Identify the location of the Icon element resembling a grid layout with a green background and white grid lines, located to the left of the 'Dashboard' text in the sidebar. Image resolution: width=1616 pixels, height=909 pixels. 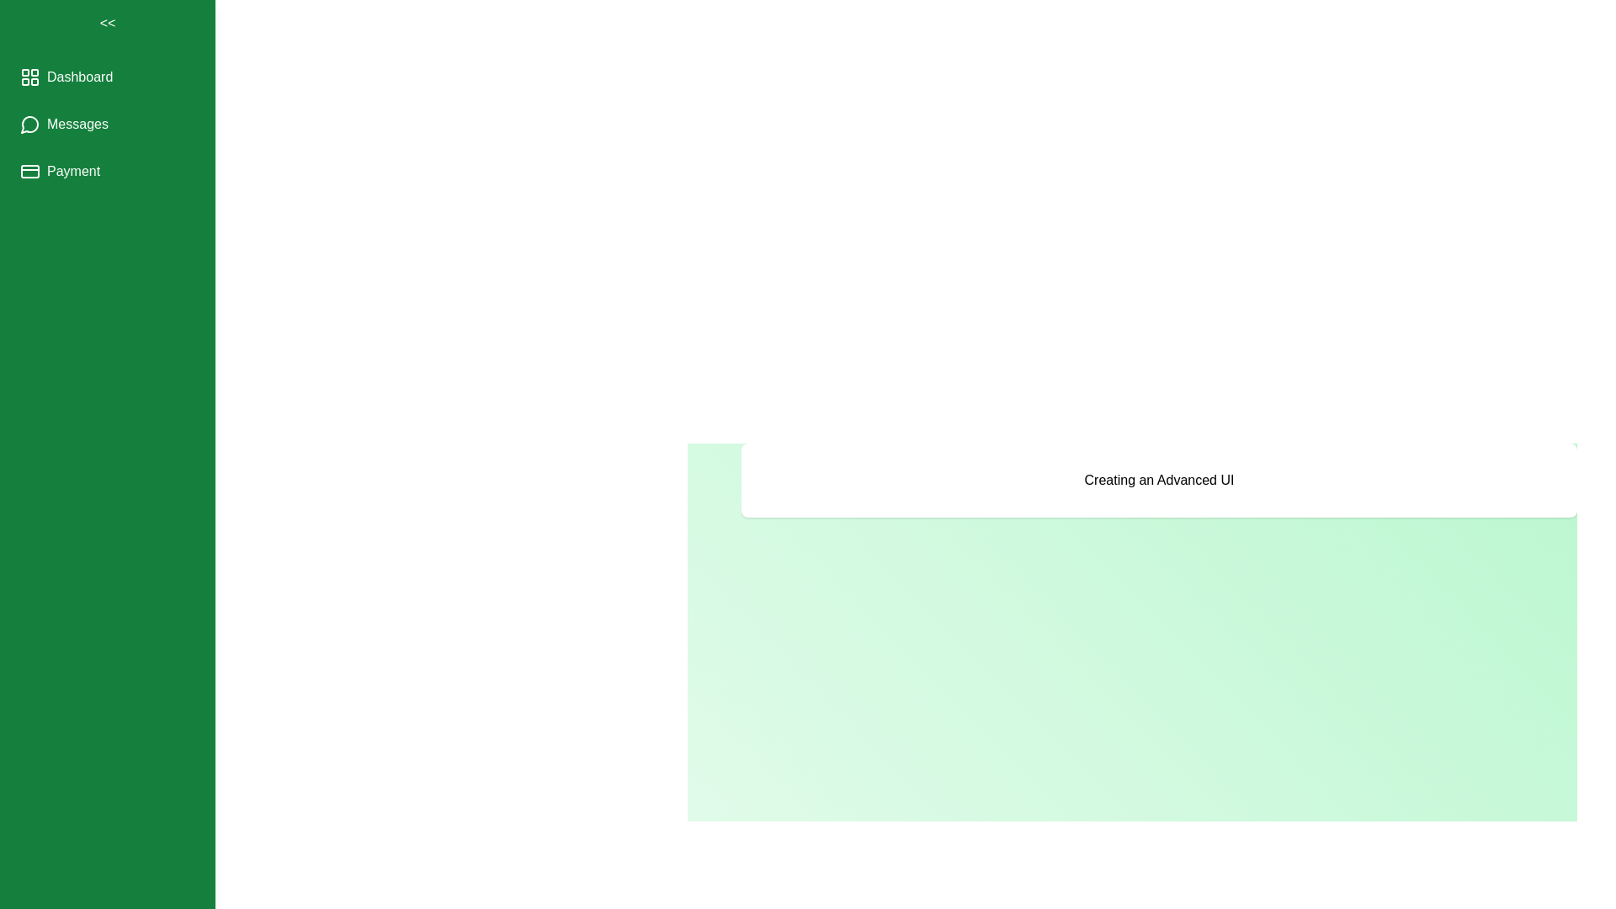
(29, 77).